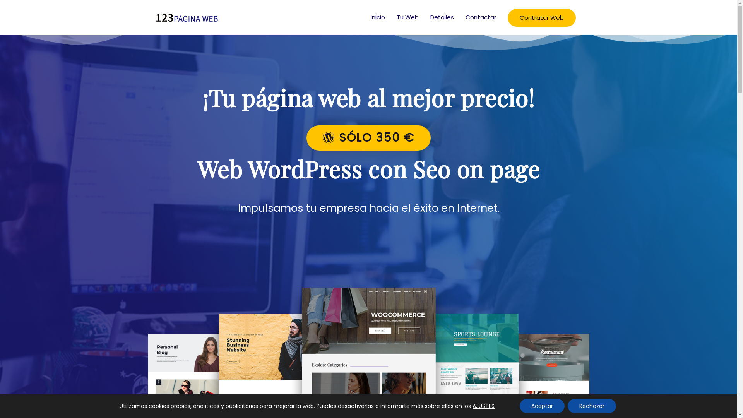 Image resolution: width=743 pixels, height=418 pixels. Describe the element at coordinates (442, 17) in the screenshot. I see `'Detalles'` at that location.